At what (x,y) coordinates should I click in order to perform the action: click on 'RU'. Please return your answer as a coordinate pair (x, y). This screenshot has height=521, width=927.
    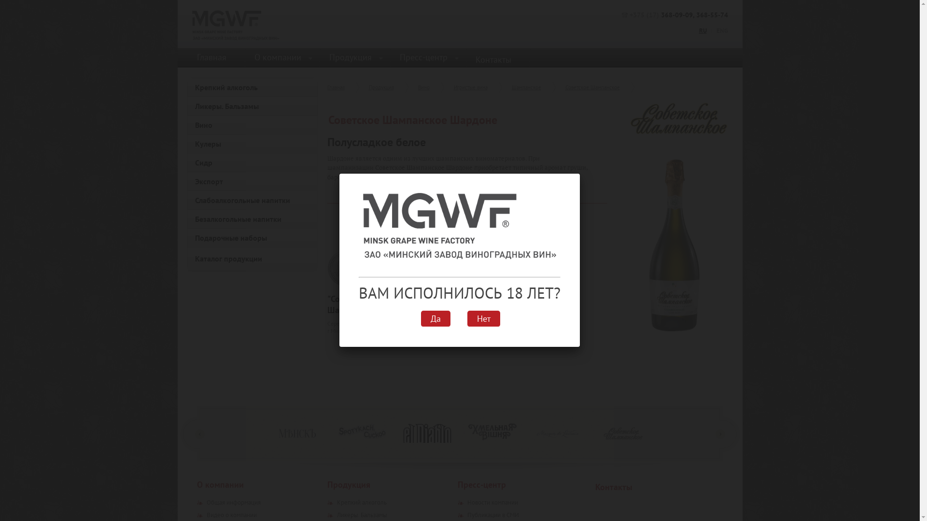
    Looking at the image, I should click on (699, 30).